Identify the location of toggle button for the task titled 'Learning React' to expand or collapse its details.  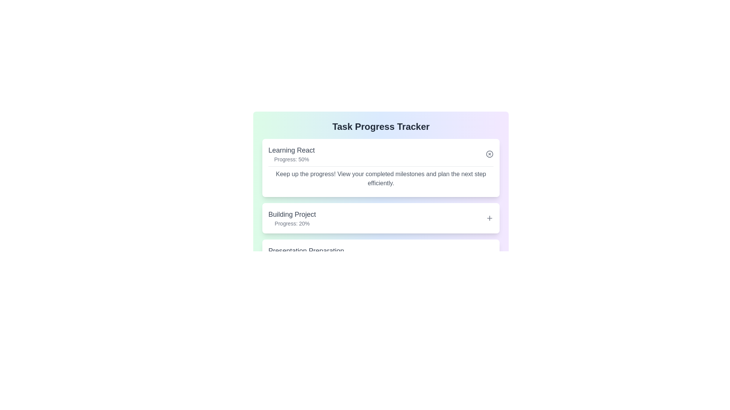
(489, 154).